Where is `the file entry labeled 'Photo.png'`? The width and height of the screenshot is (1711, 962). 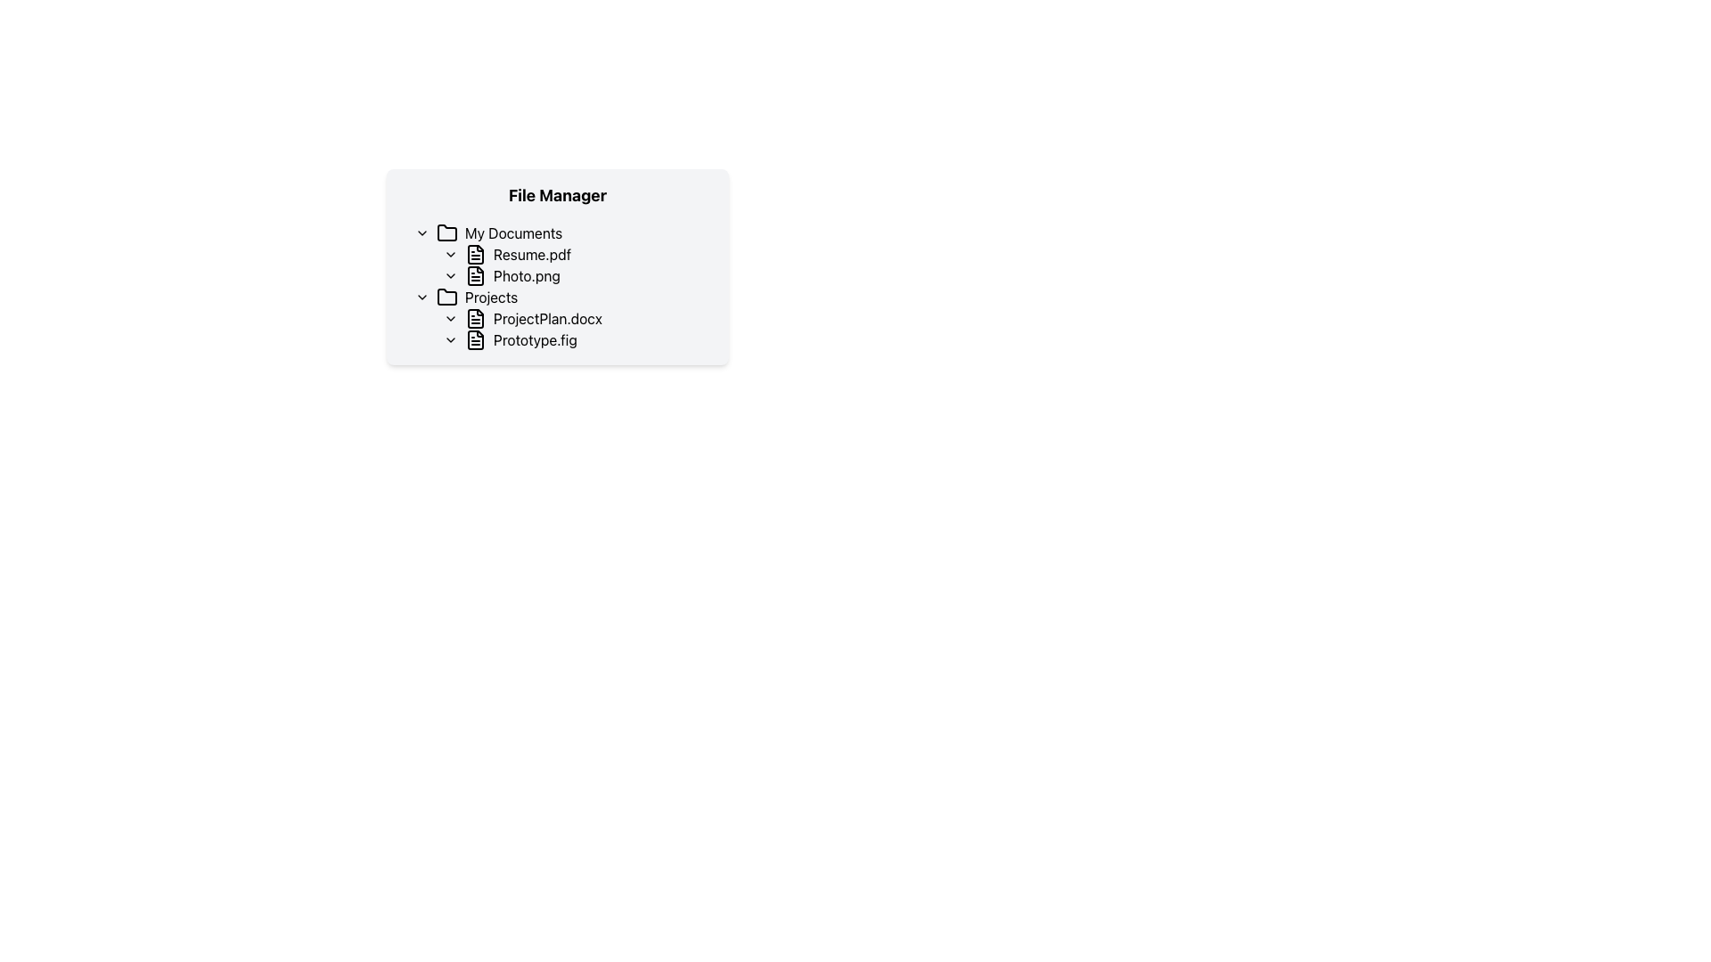
the file entry labeled 'Photo.png' is located at coordinates (578, 275).